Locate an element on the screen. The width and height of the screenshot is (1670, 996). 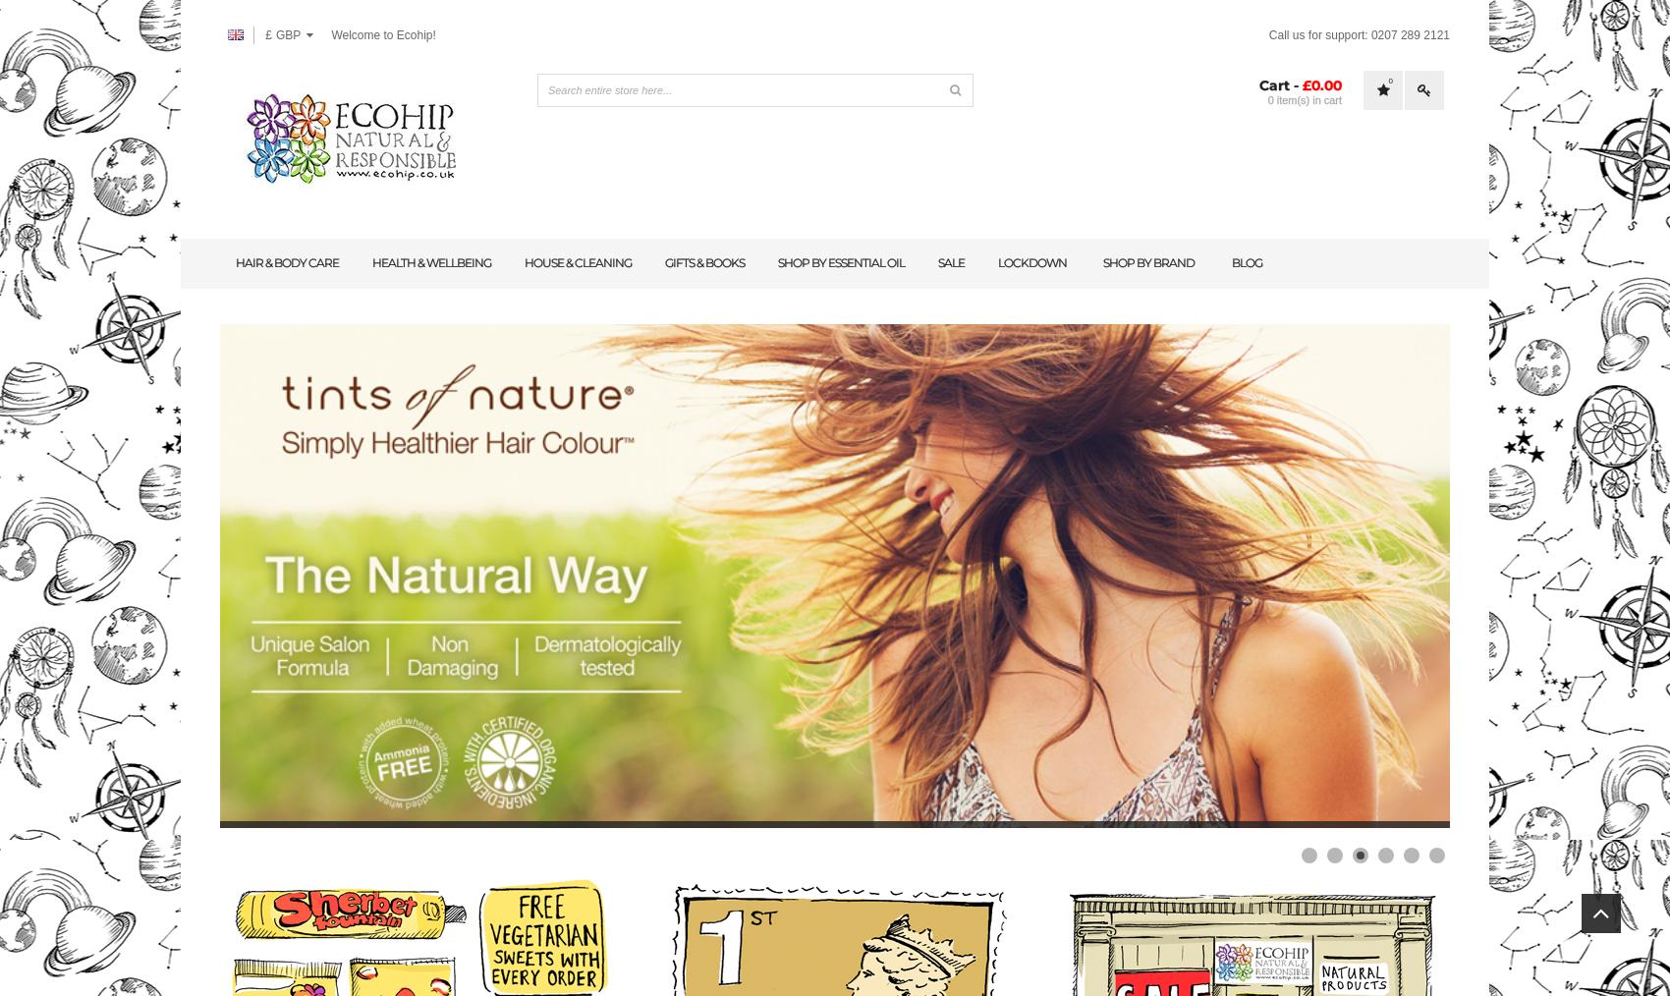
'Gifts & books' is located at coordinates (664, 262).